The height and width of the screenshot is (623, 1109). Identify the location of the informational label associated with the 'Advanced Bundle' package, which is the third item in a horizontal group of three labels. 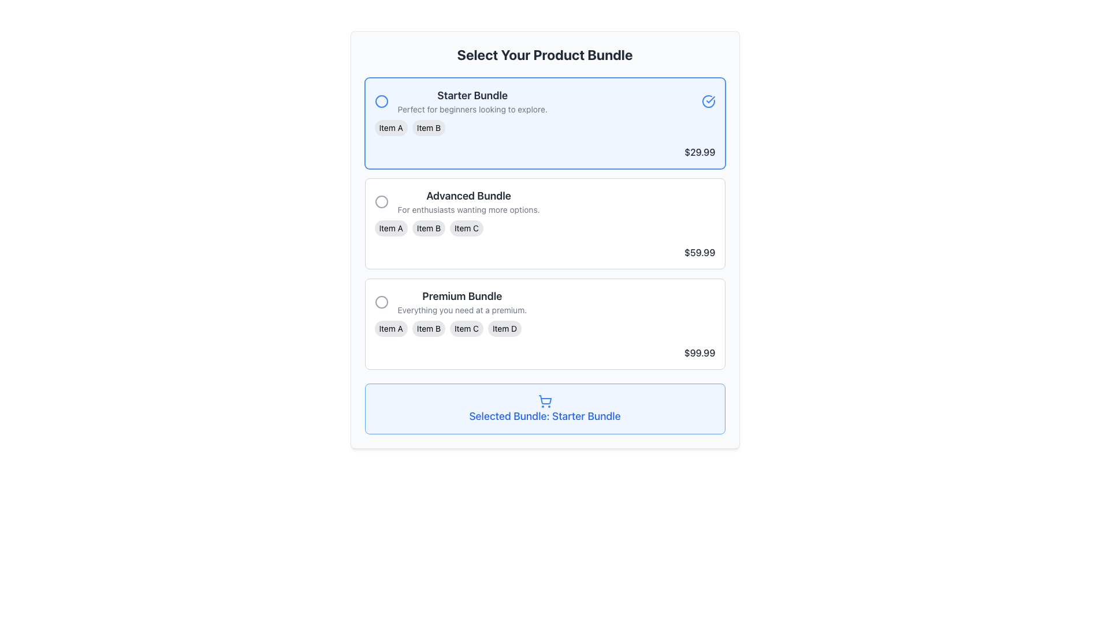
(466, 228).